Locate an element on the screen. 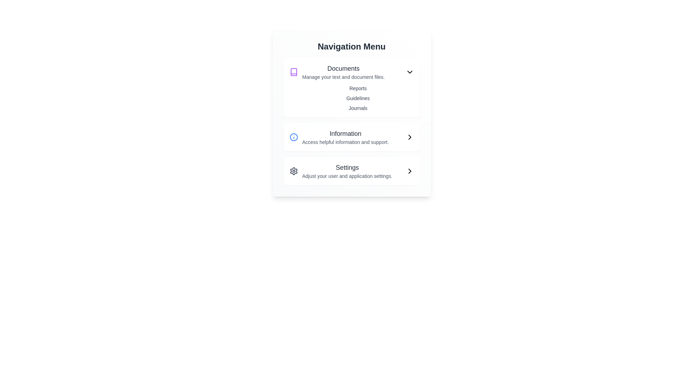 The image size is (679, 382). the static text label that serves as the title for the section, located above the subtitle 'Manage your text and document files.' and aligned to the left is located at coordinates (343, 68).